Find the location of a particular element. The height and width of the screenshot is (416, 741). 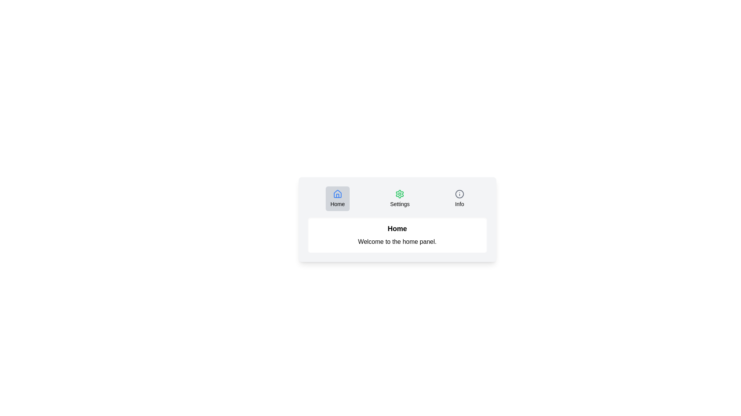

the tab icon labeled Home to inspect its information is located at coordinates (337, 198).